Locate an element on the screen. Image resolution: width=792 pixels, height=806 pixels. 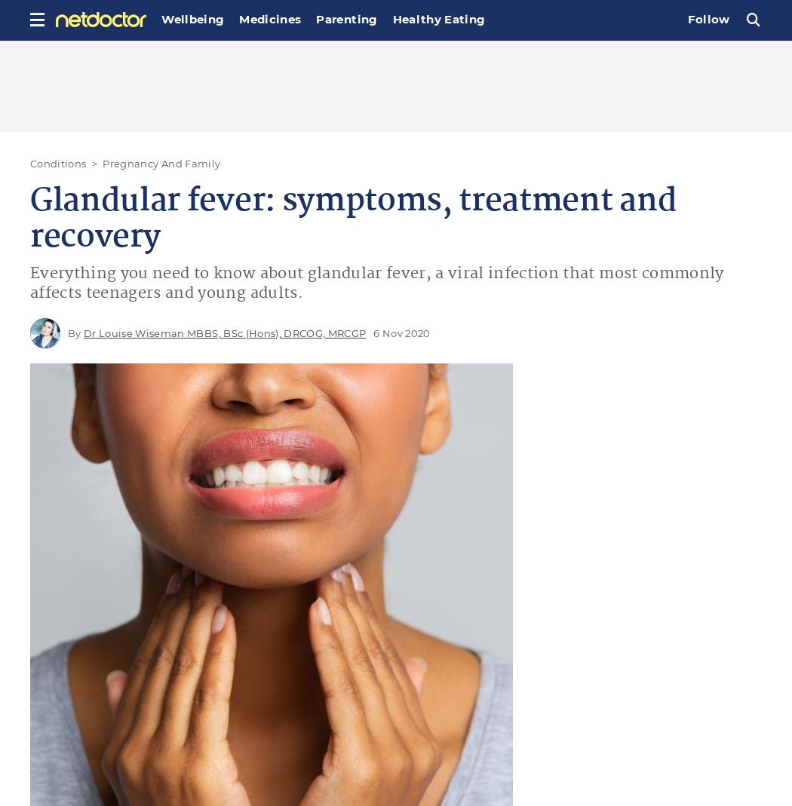
'Dr Louise Wiseman MBBS, BSc (Hons), DRCOG, MRCGP' is located at coordinates (223, 331).